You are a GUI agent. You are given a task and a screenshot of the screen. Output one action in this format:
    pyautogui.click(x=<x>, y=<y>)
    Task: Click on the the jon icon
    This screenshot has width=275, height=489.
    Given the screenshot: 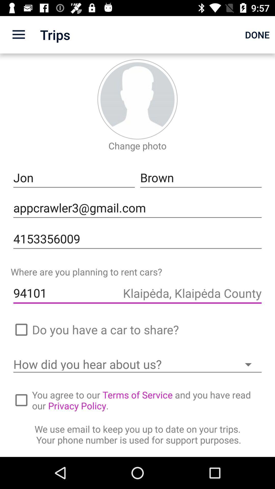 What is the action you would take?
    pyautogui.click(x=74, y=178)
    